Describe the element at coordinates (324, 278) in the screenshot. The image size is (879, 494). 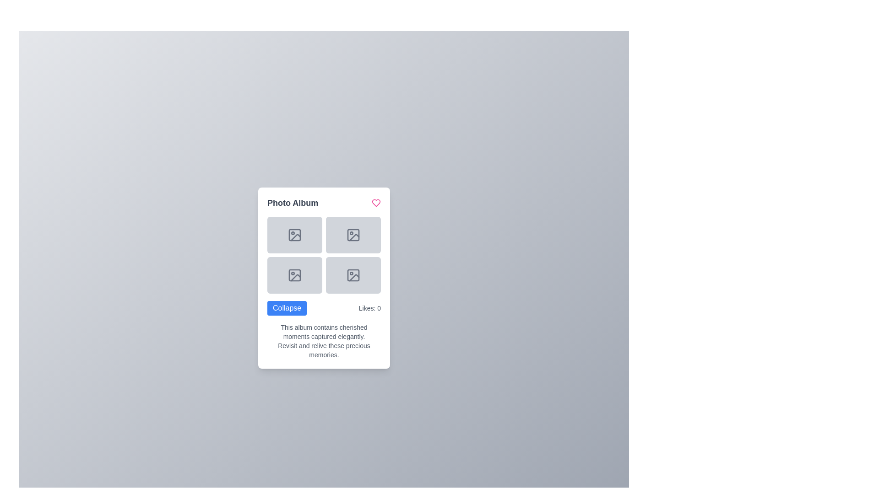
I see `the grid image within the photo album card` at that location.